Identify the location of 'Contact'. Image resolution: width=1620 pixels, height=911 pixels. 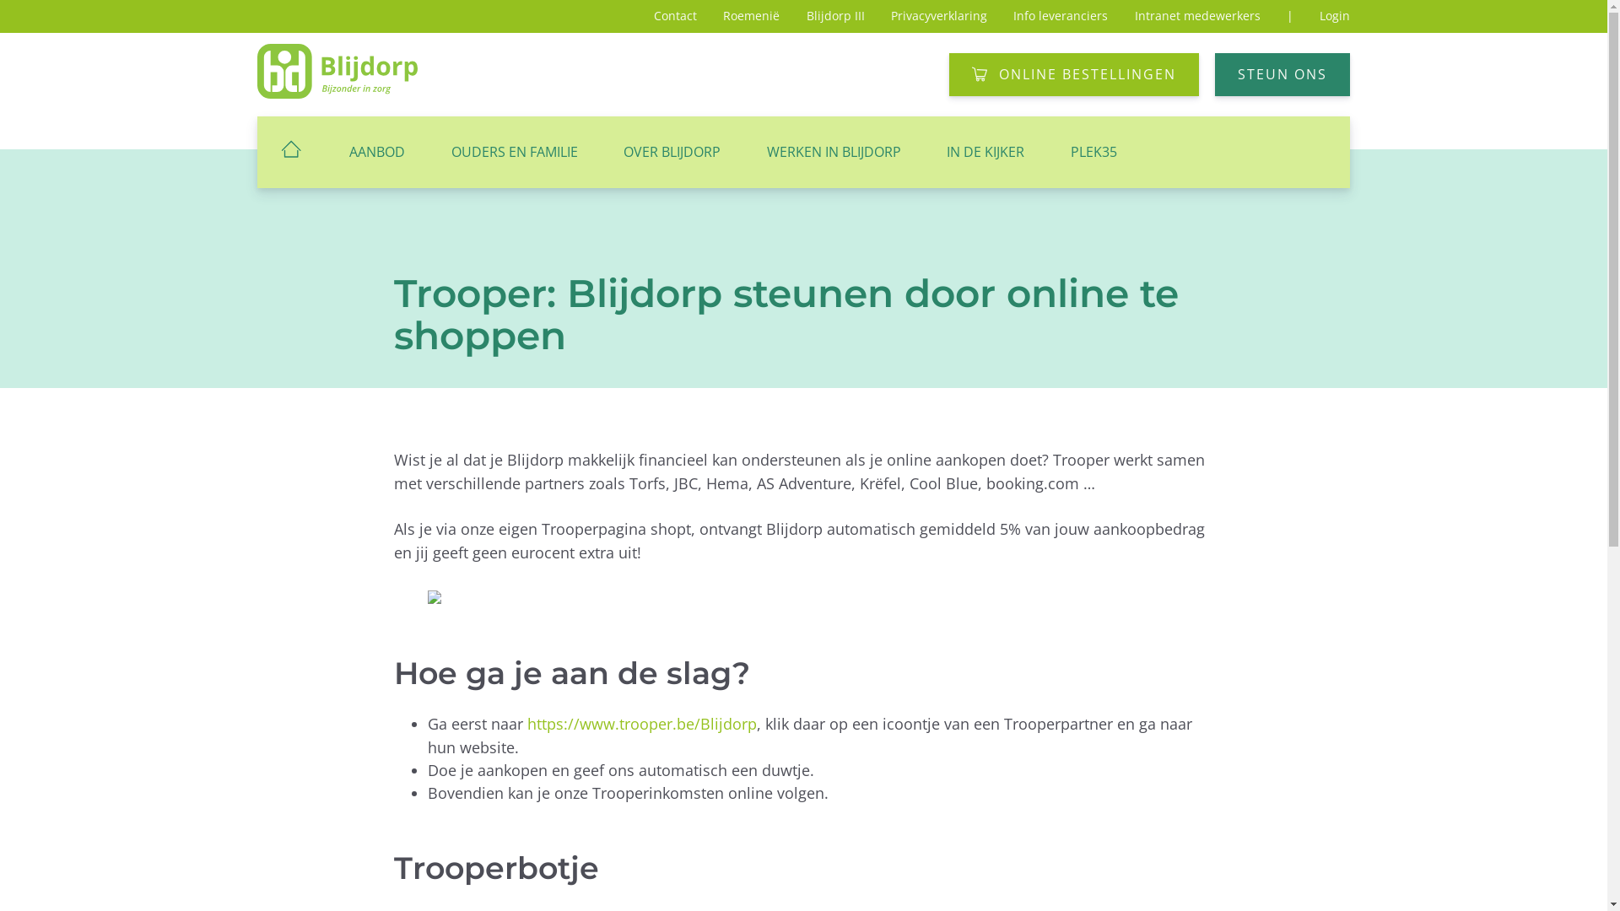
(675, 15).